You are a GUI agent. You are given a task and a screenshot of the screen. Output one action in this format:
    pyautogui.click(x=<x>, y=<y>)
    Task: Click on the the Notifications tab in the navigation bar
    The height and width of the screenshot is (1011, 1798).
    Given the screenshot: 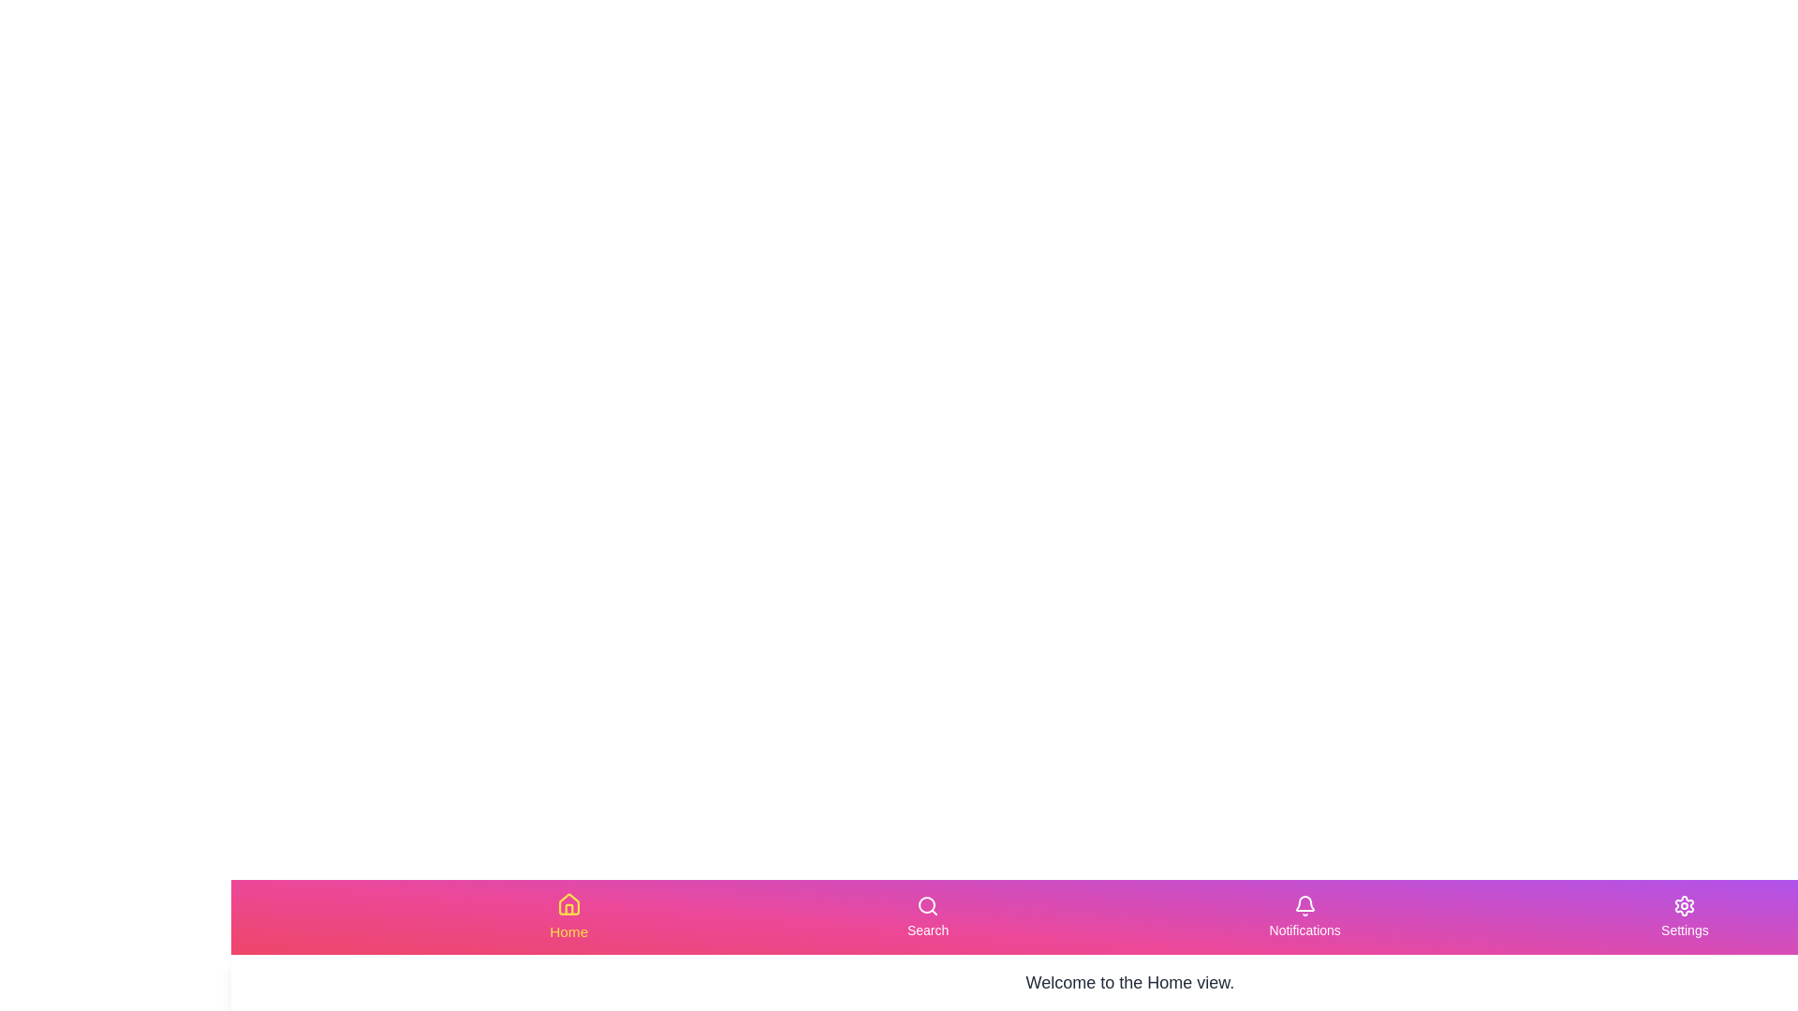 What is the action you would take?
    pyautogui.click(x=1304, y=916)
    